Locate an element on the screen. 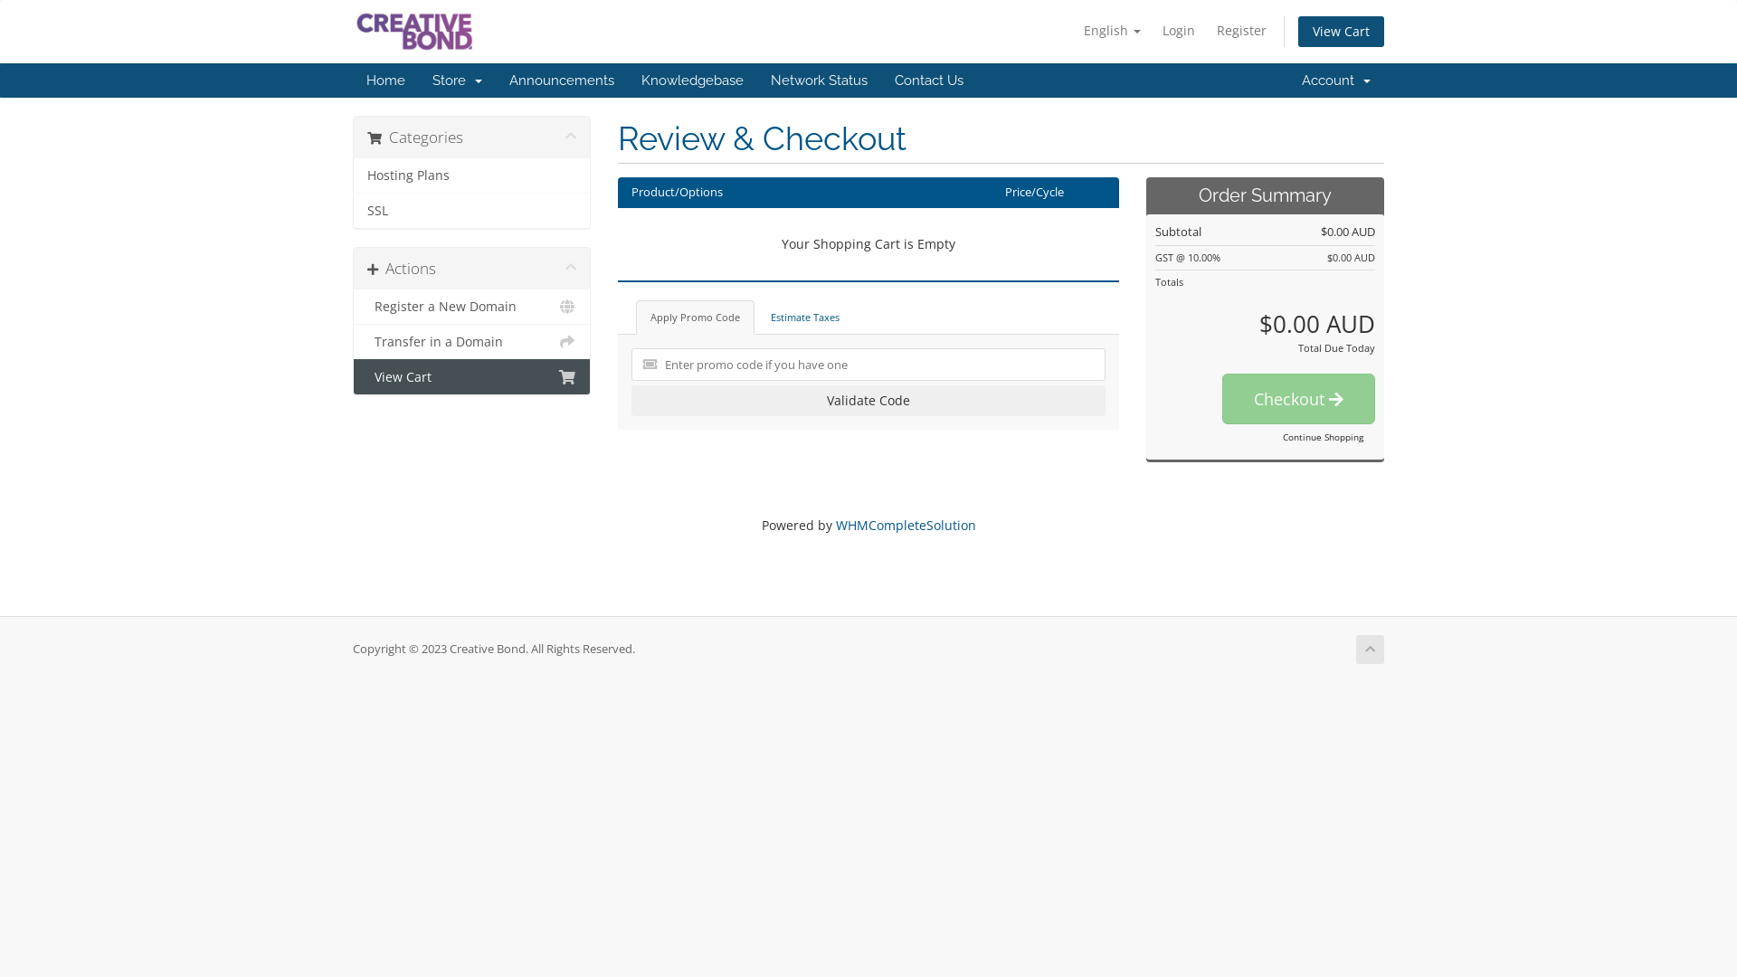 This screenshot has height=977, width=1737. '  Register a New Domain' is located at coordinates (353, 306).